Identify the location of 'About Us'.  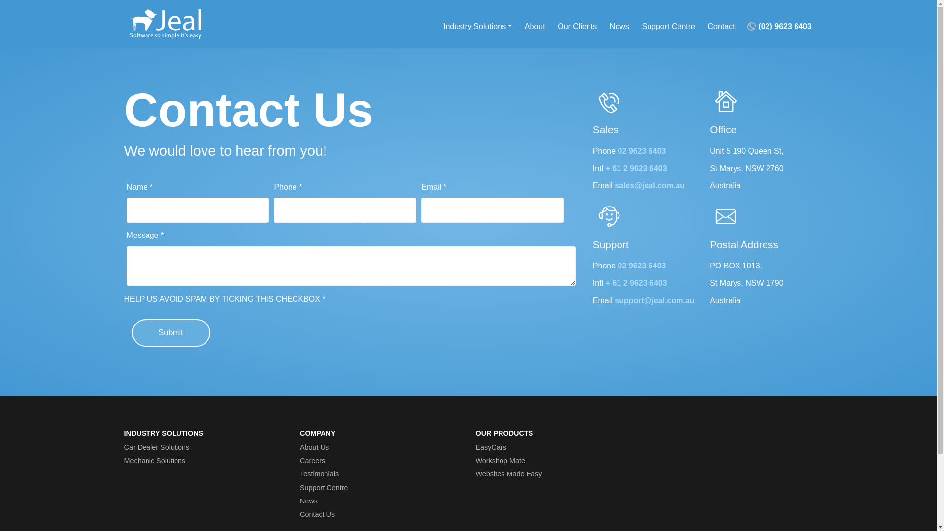
(299, 447).